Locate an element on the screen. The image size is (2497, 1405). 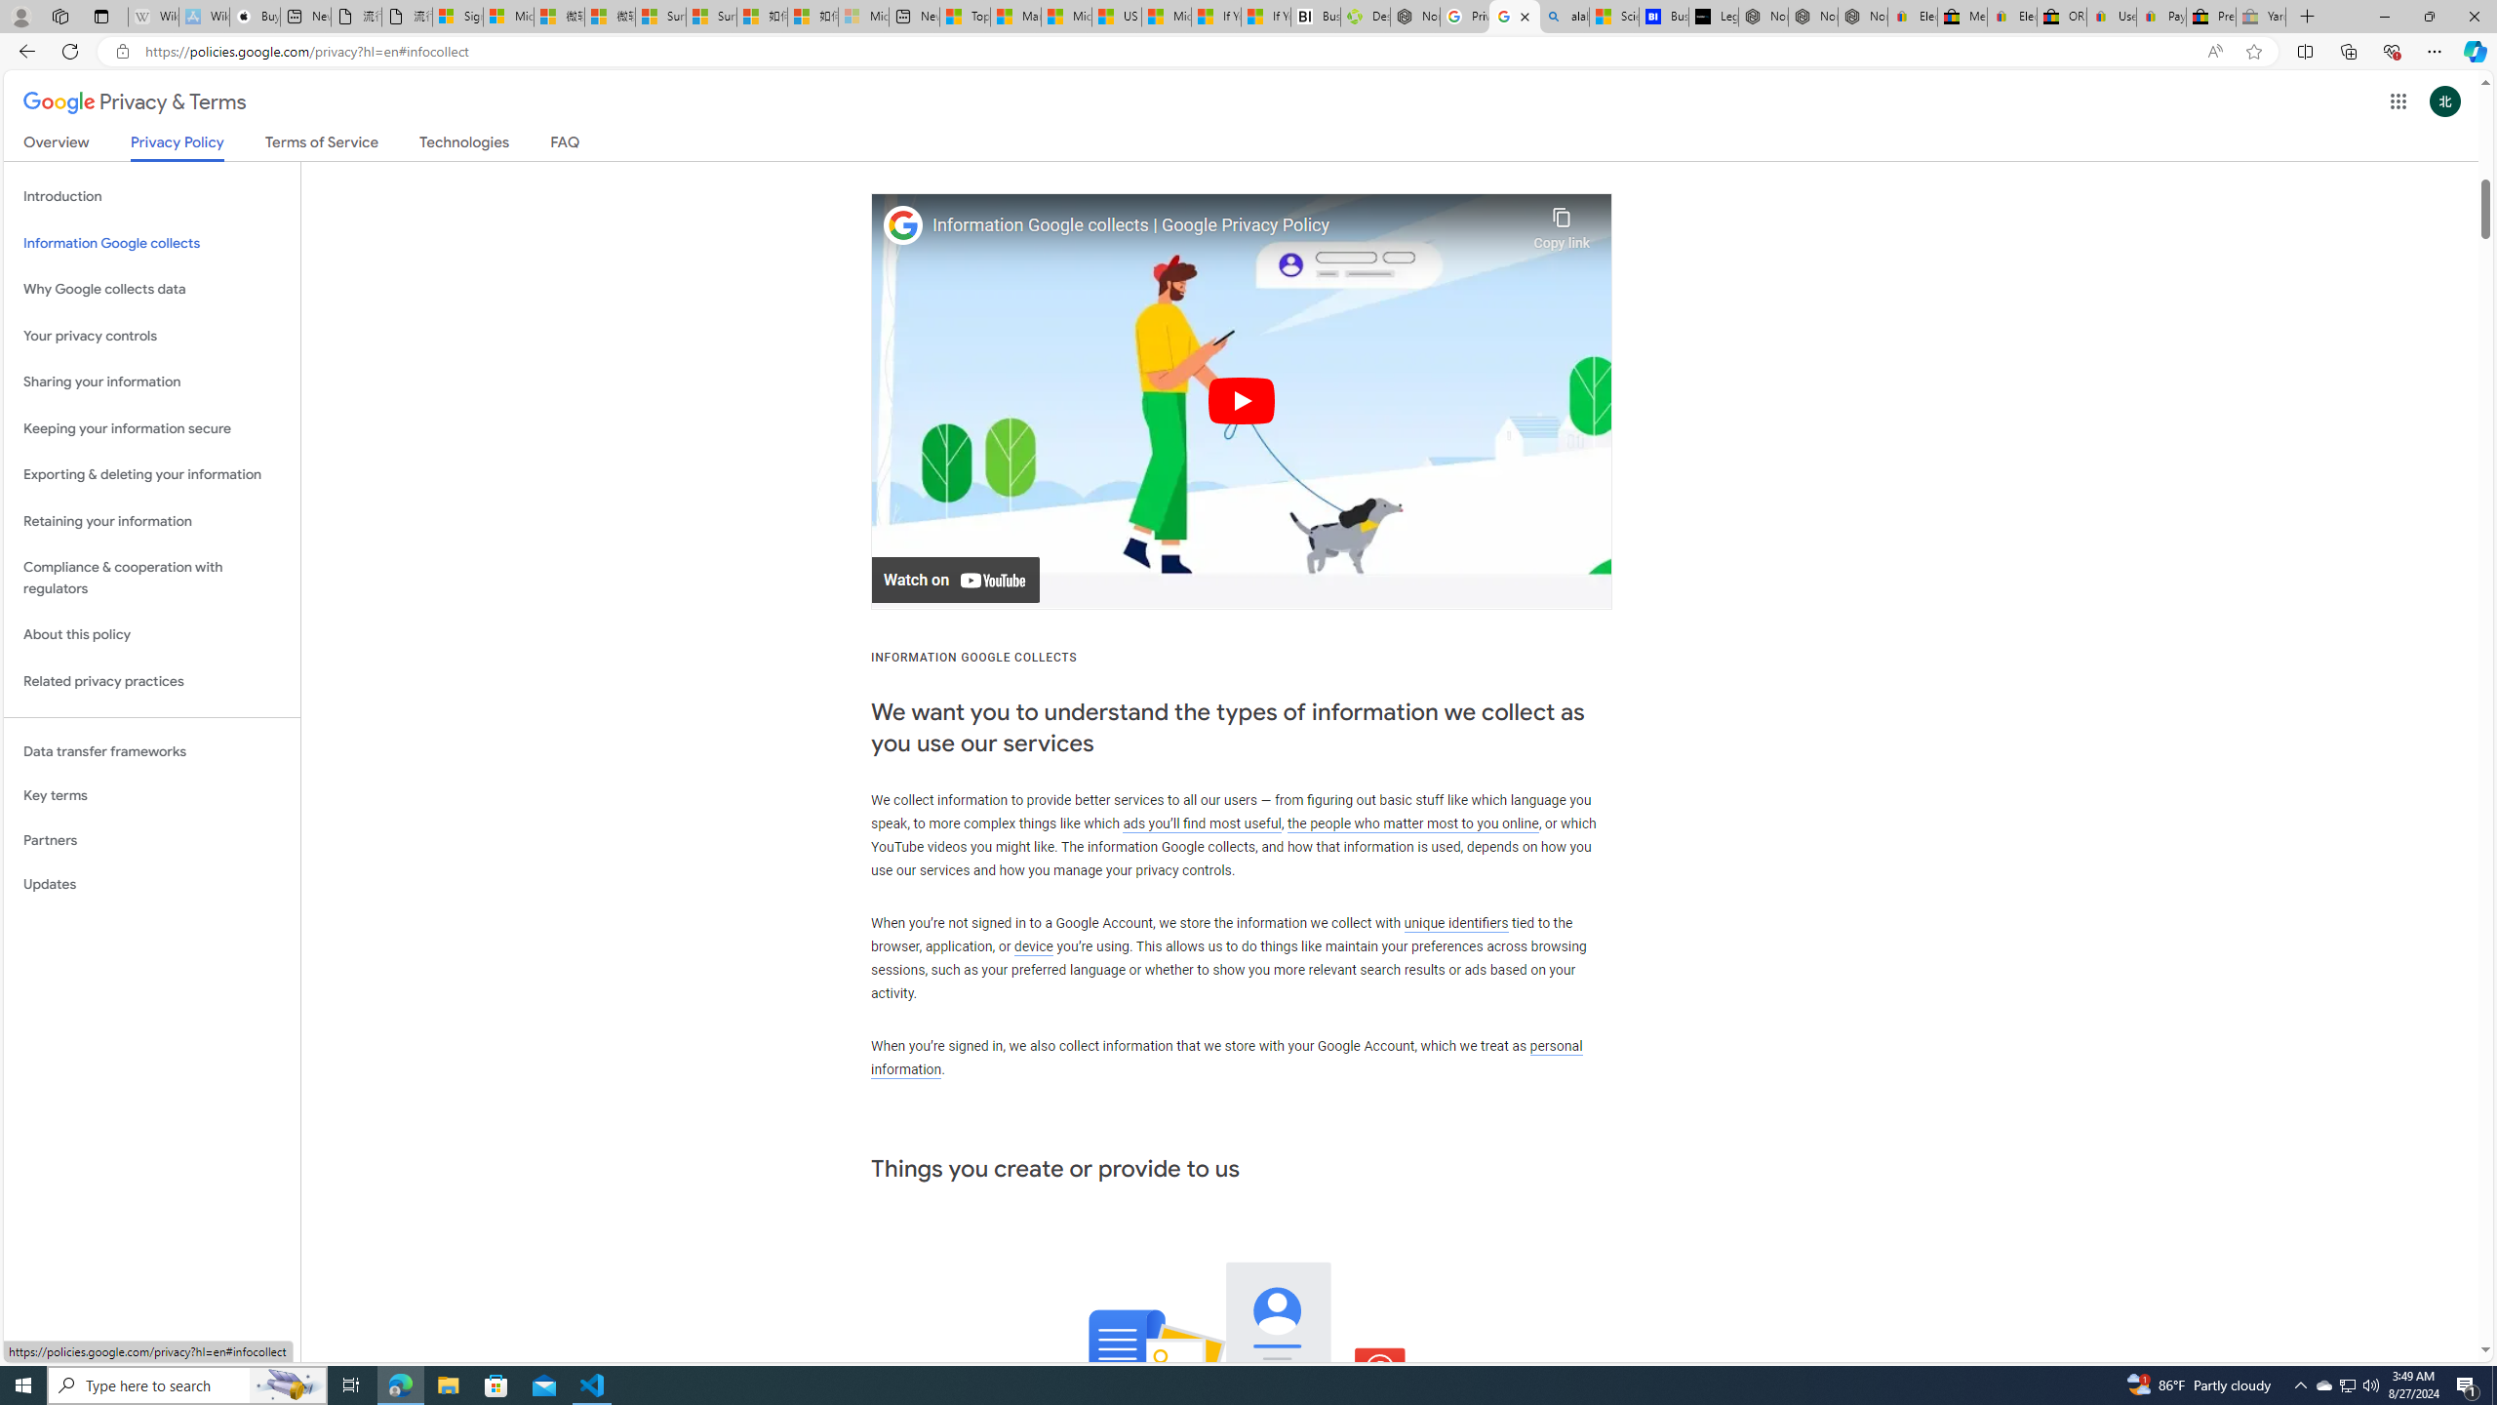
'Yard, Garden & Outdoor Living - Sleeping' is located at coordinates (2261, 16).